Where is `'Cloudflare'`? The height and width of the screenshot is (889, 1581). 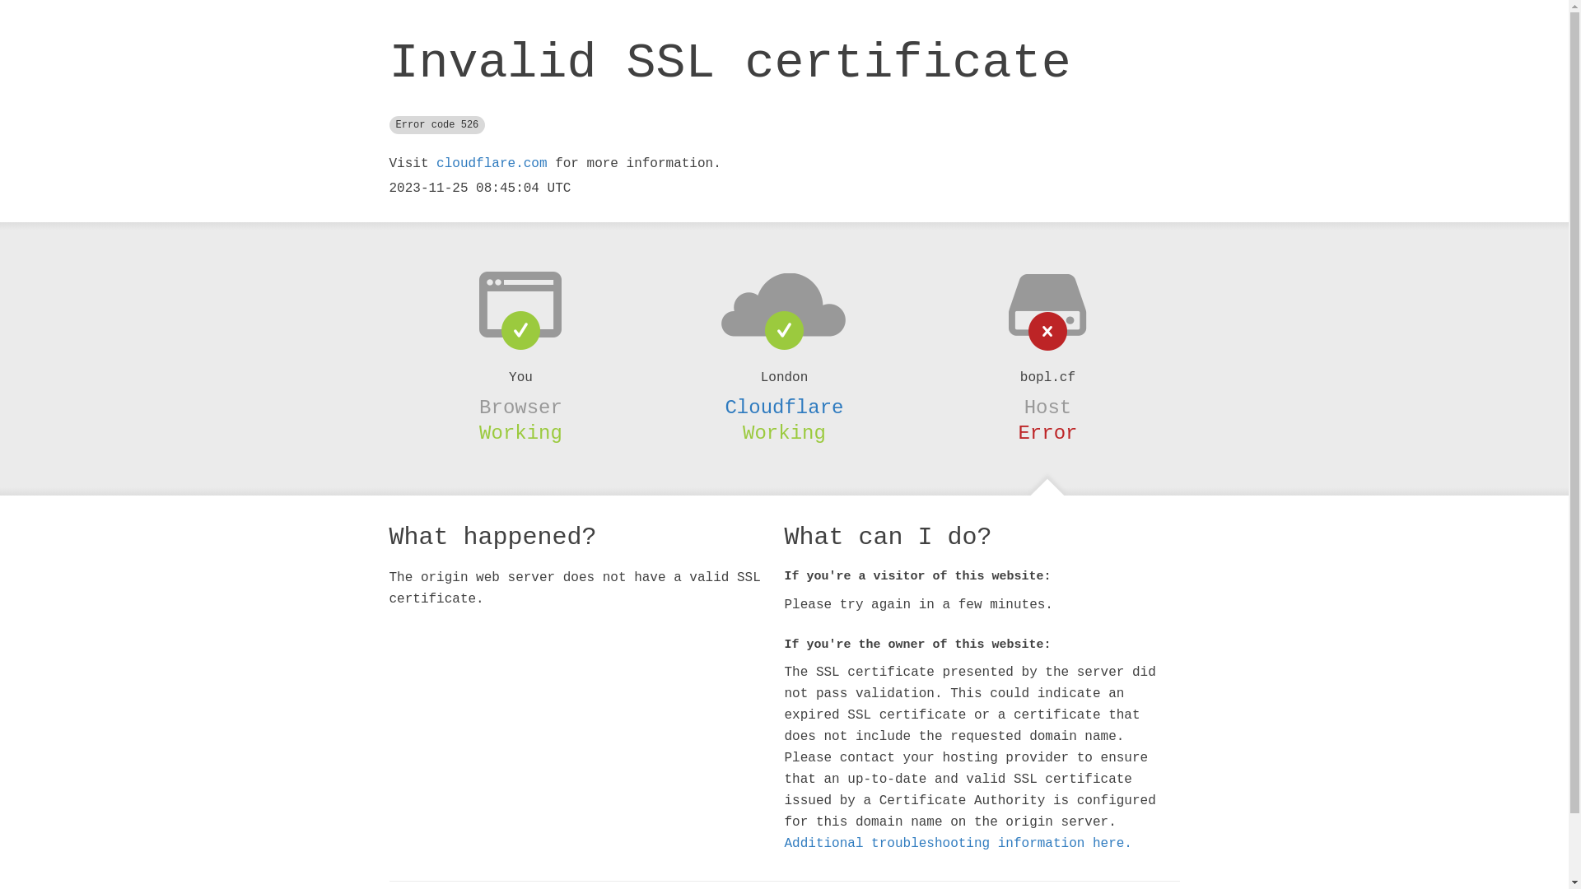 'Cloudflare' is located at coordinates (782, 407).